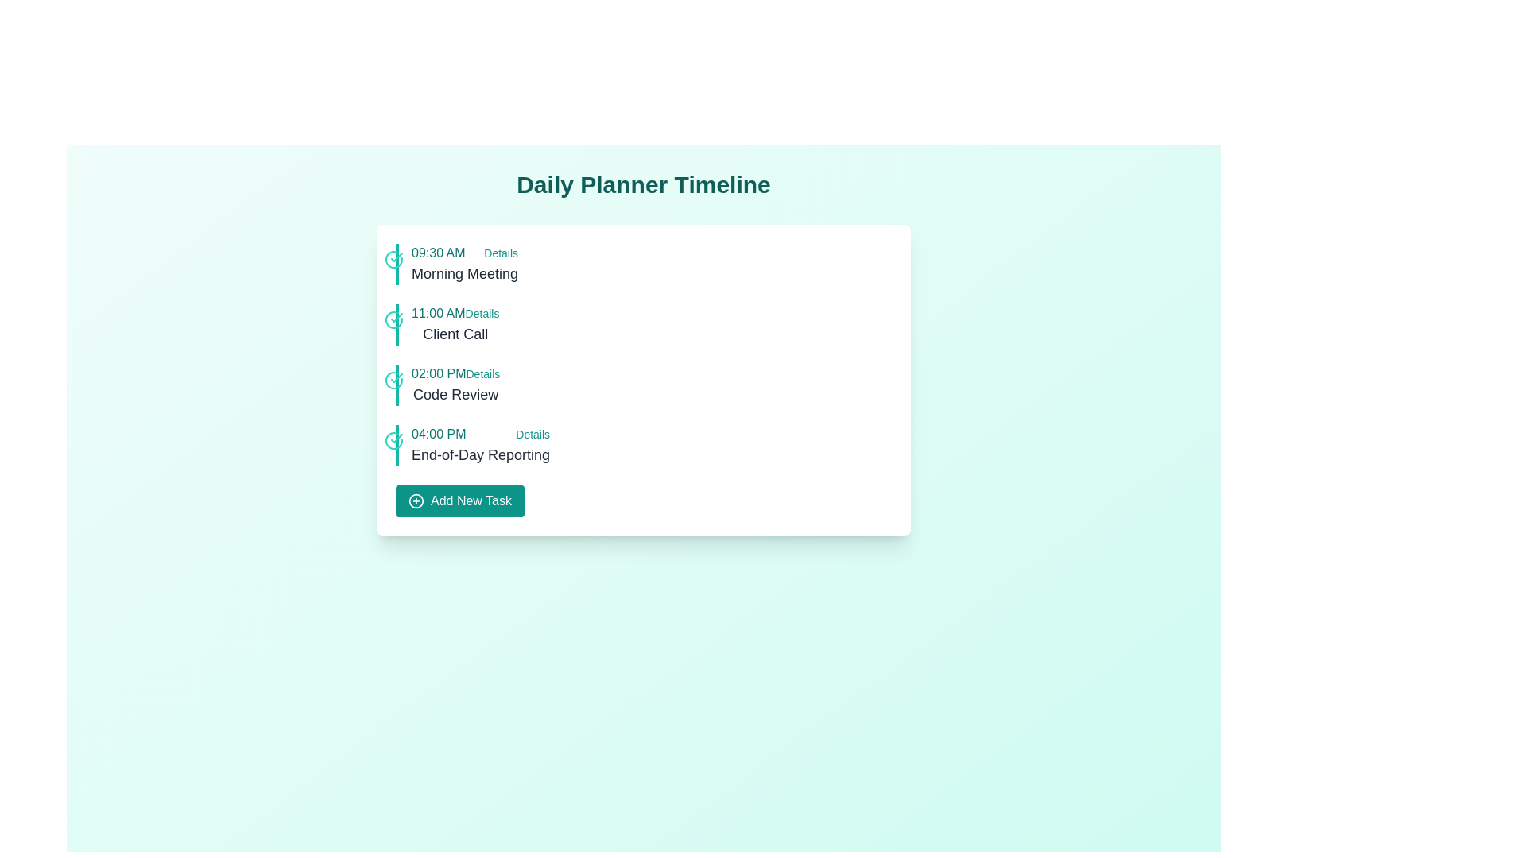 The width and height of the screenshot is (1526, 858). I want to click on the hyperlink labeled 'Details' located to the right of '02:00 PM' in the third position of the scheduled items list, so click(482, 373).